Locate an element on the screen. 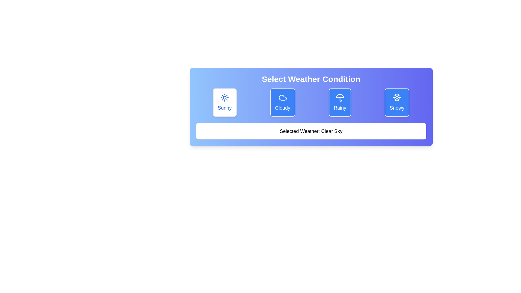 This screenshot has height=293, width=521. the 'Snowy' button, which is the fourth option in the weather condition selector row is located at coordinates (397, 103).